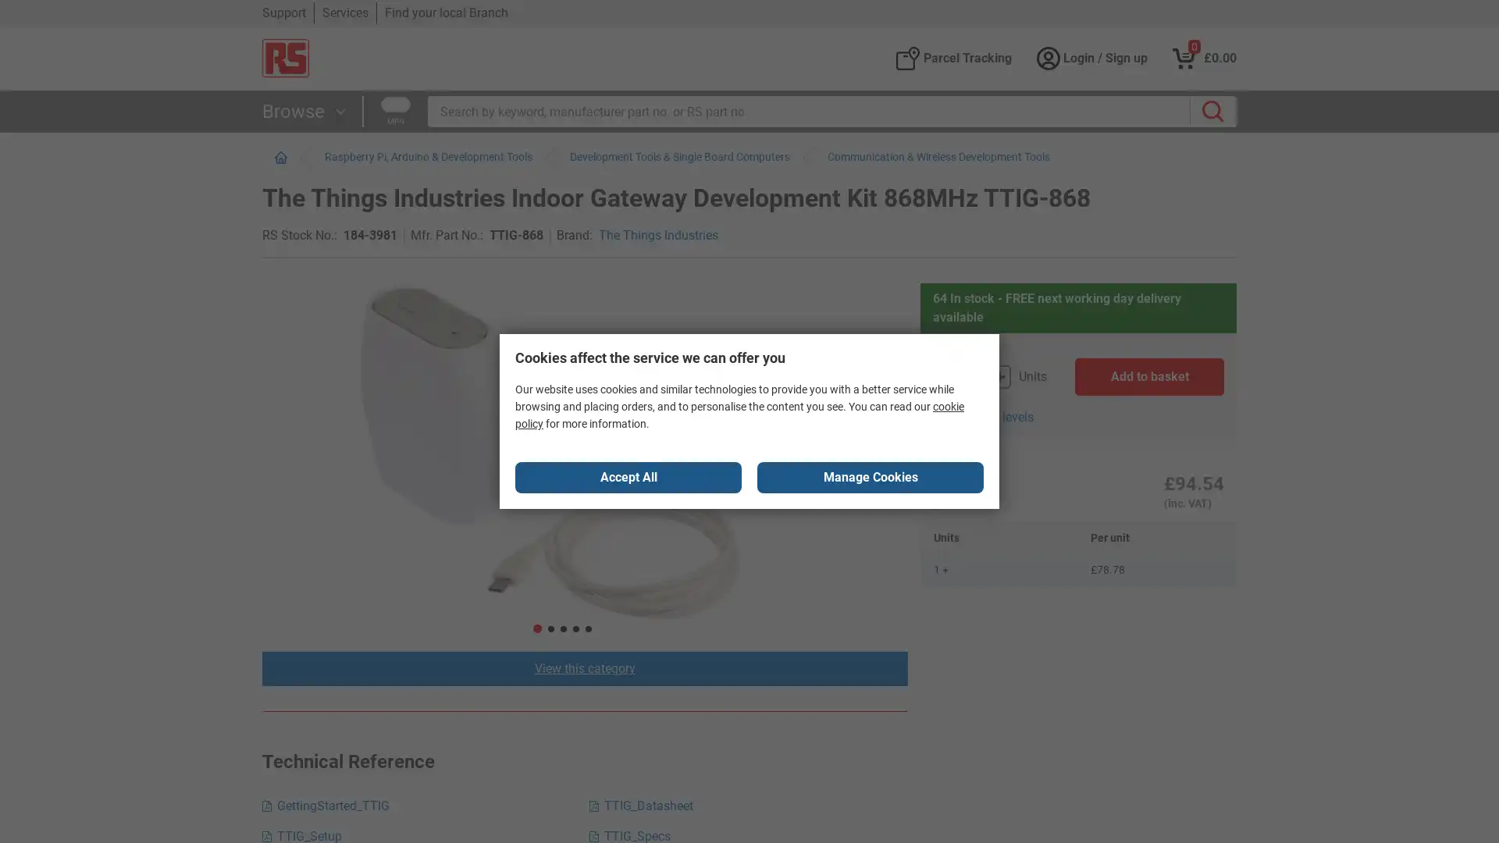 This screenshot has width=1499, height=843. Describe the element at coordinates (630, 439) in the screenshot. I see `Gallery asset 3 of 5` at that location.